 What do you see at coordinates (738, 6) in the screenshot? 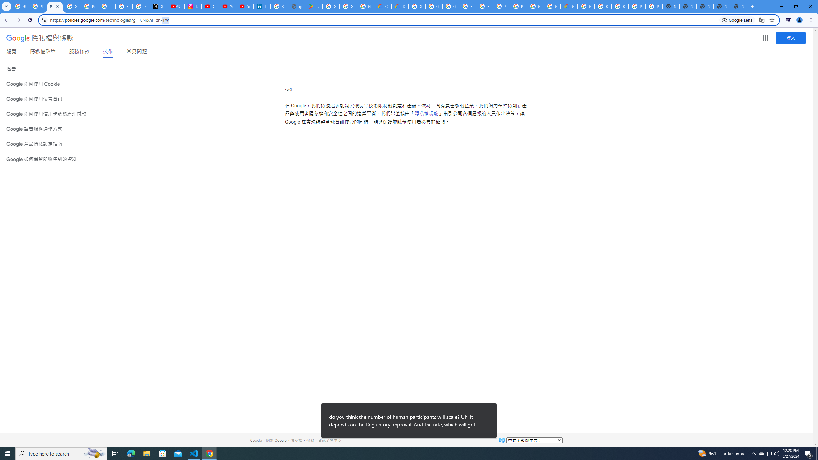
I see `'New Tab'` at bounding box center [738, 6].